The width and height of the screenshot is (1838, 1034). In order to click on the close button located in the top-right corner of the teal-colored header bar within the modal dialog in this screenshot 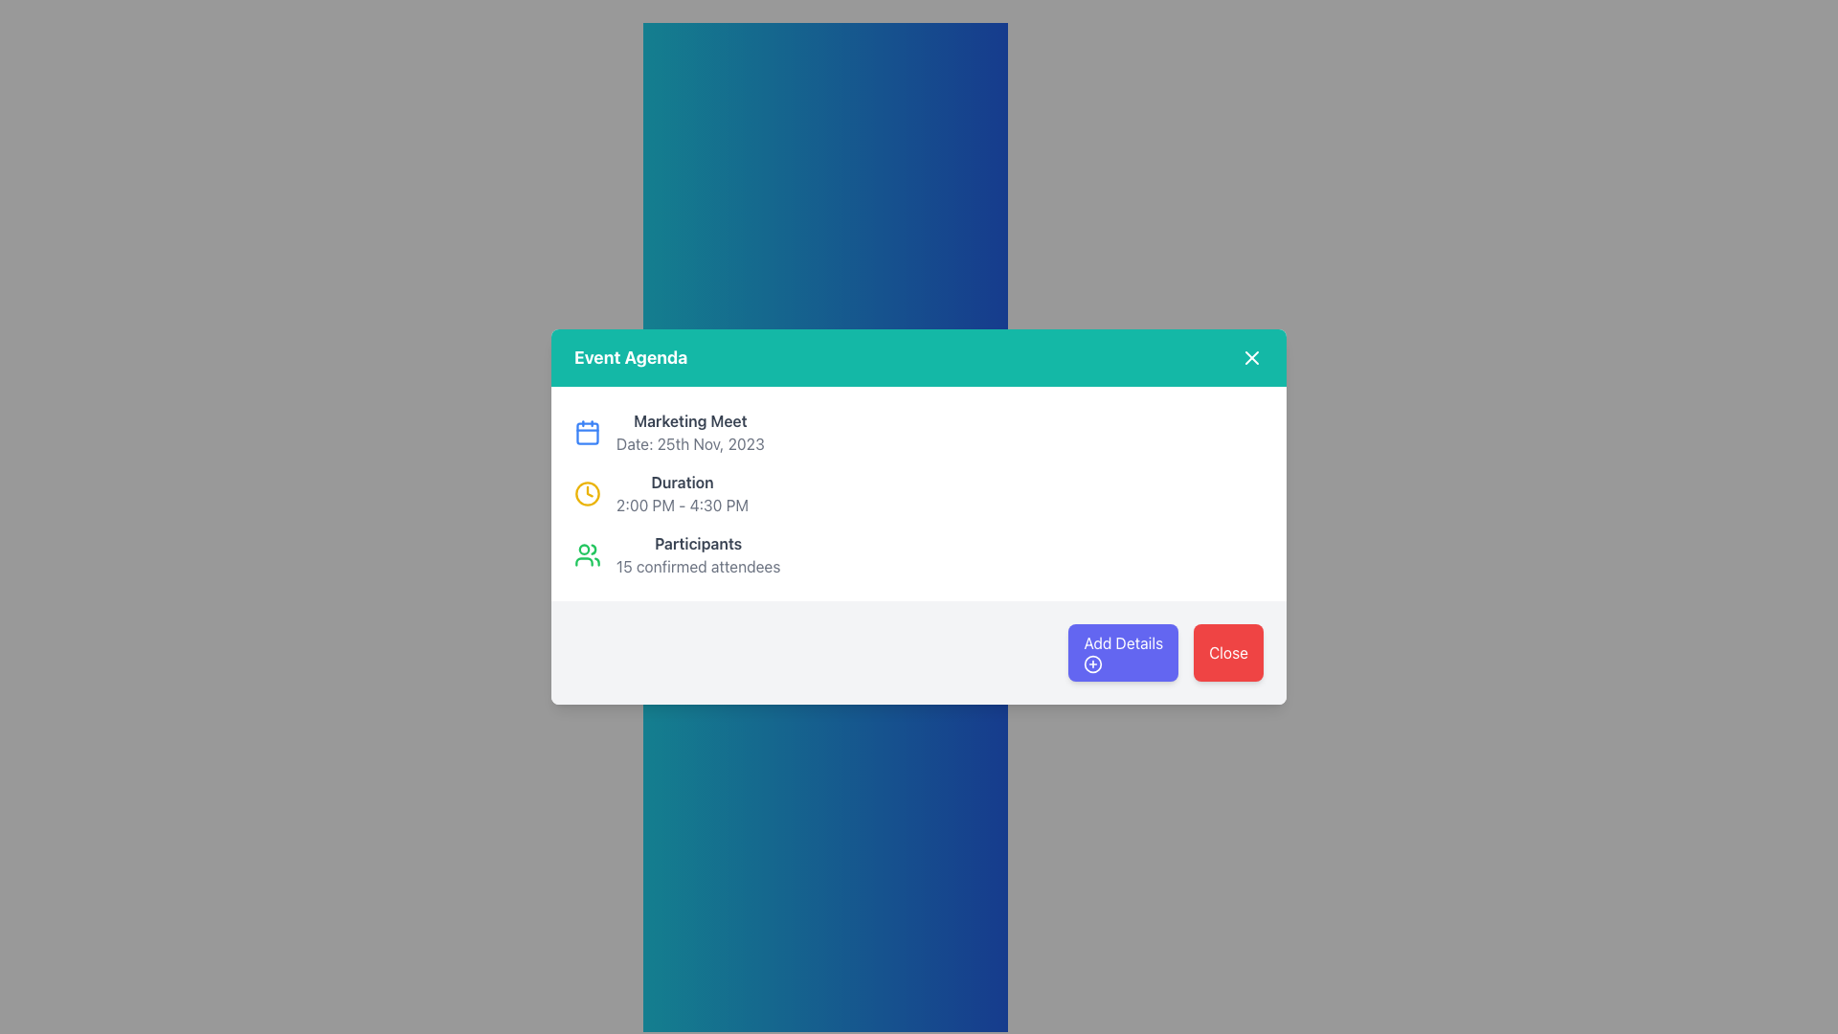, I will do `click(1252, 358)`.